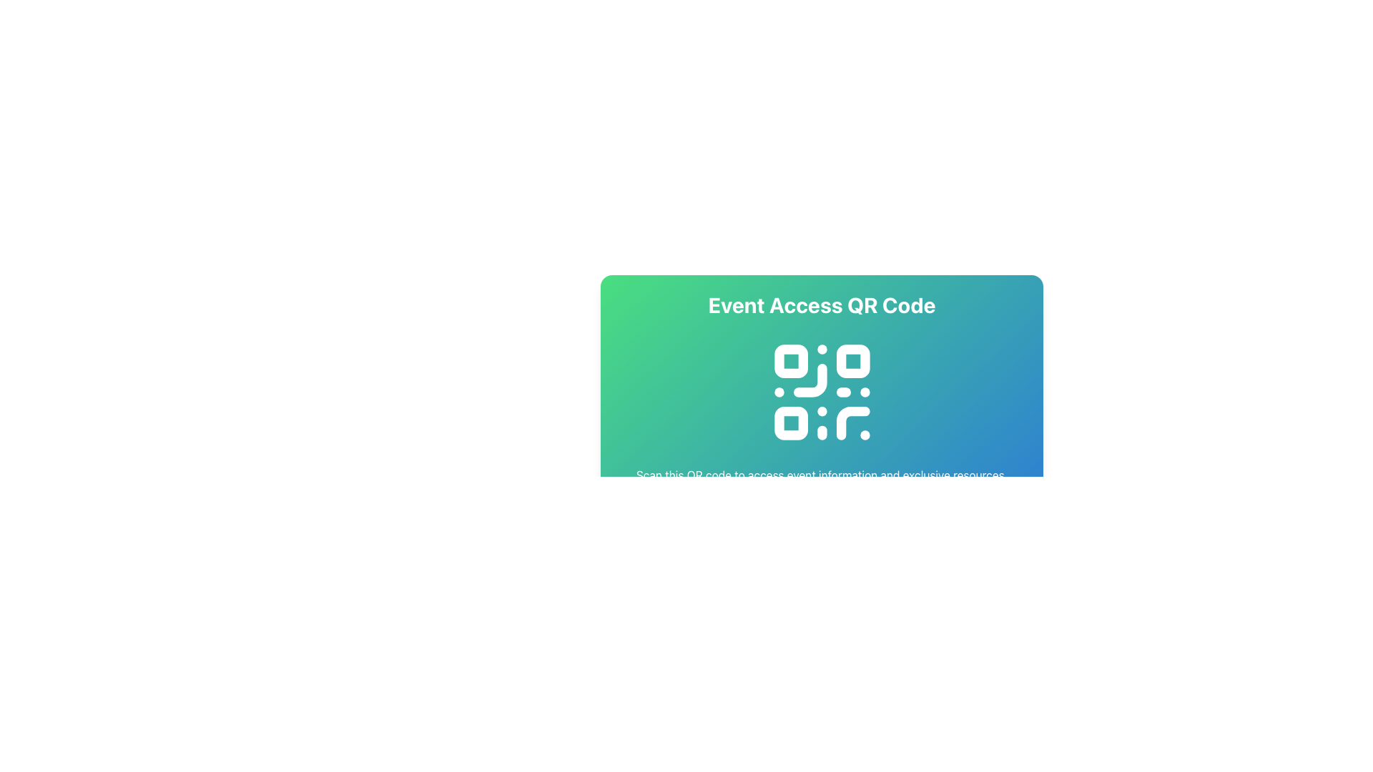 The width and height of the screenshot is (1373, 772). I want to click on text displayed in the horizontally-aligned text block that says 'Scan this QR code to access event information and exclusive resources.' This text block is located beneath the QR code graphic and is center-aligned against a gradient background, so click(822, 475).